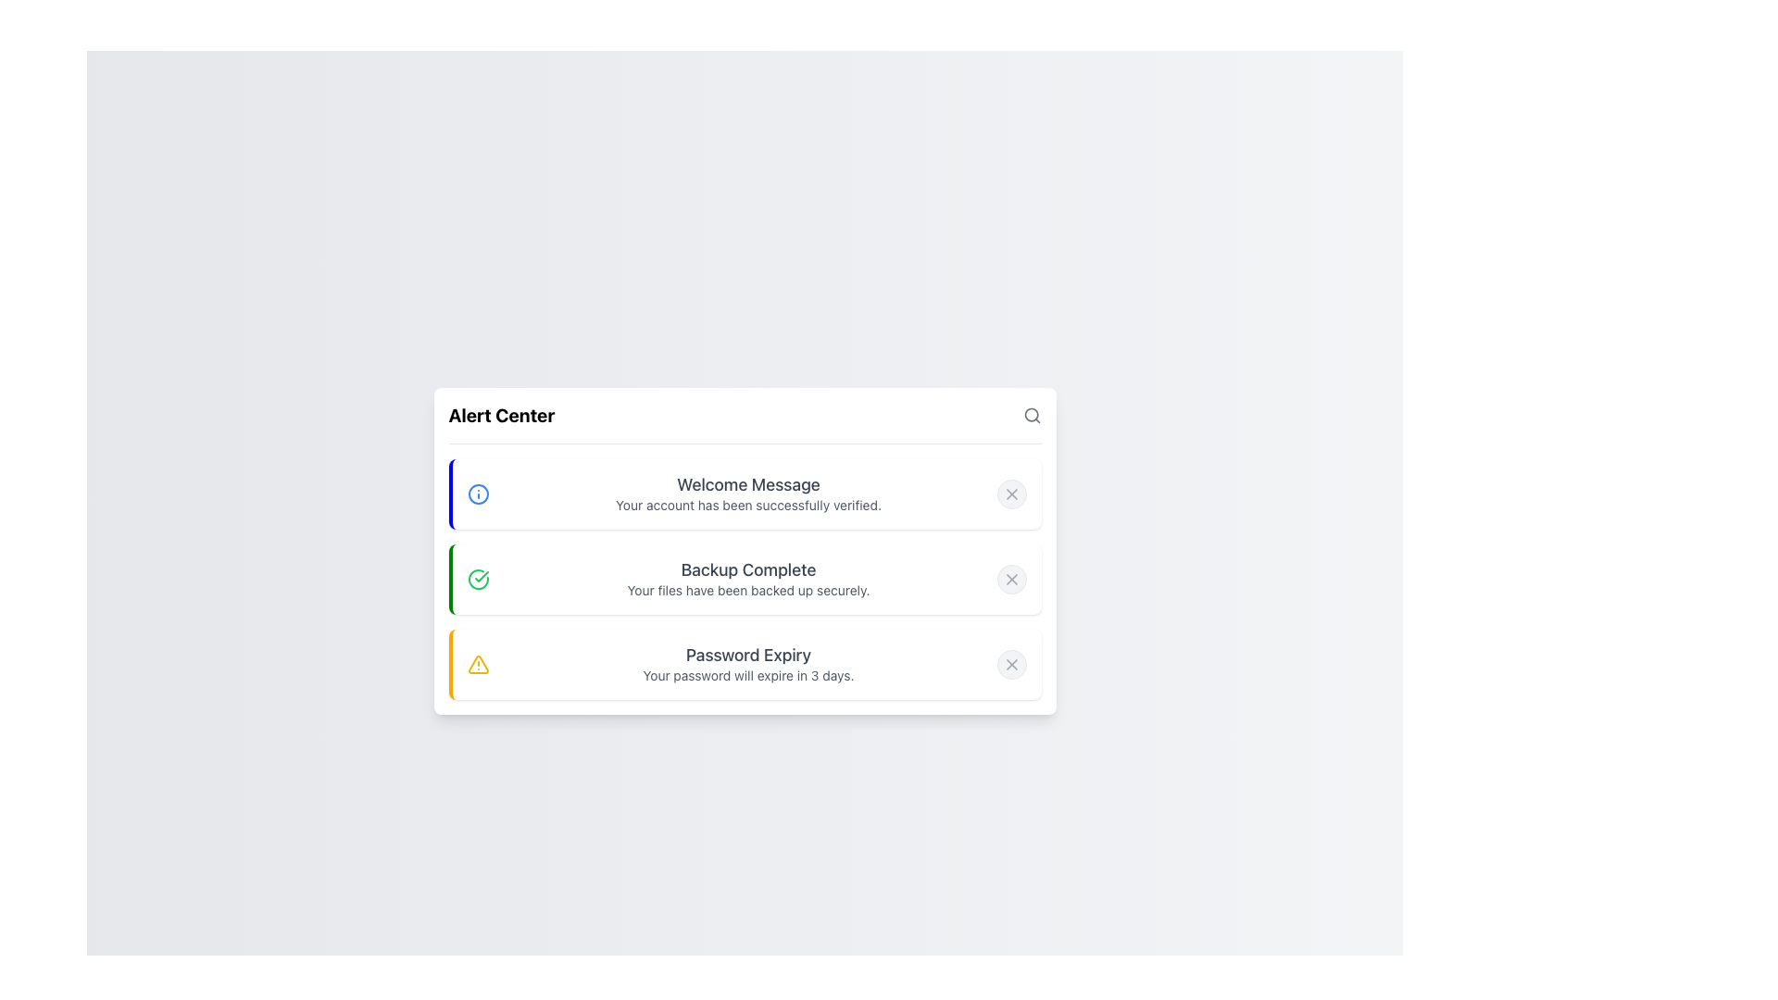 The height and width of the screenshot is (1000, 1778). What do you see at coordinates (745, 549) in the screenshot?
I see `information from the Notification Card titled 'Backup Complete', which is the second item in the notifications list and contains a description stating 'Your files have been backed up securely'` at bounding box center [745, 549].